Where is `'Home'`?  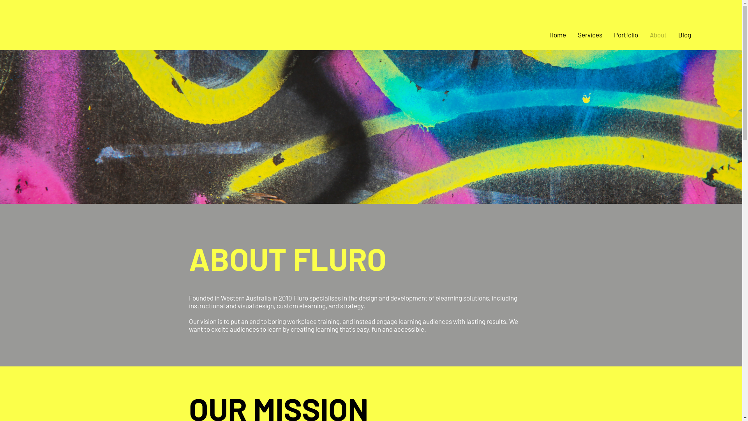 'Home' is located at coordinates (543, 34).